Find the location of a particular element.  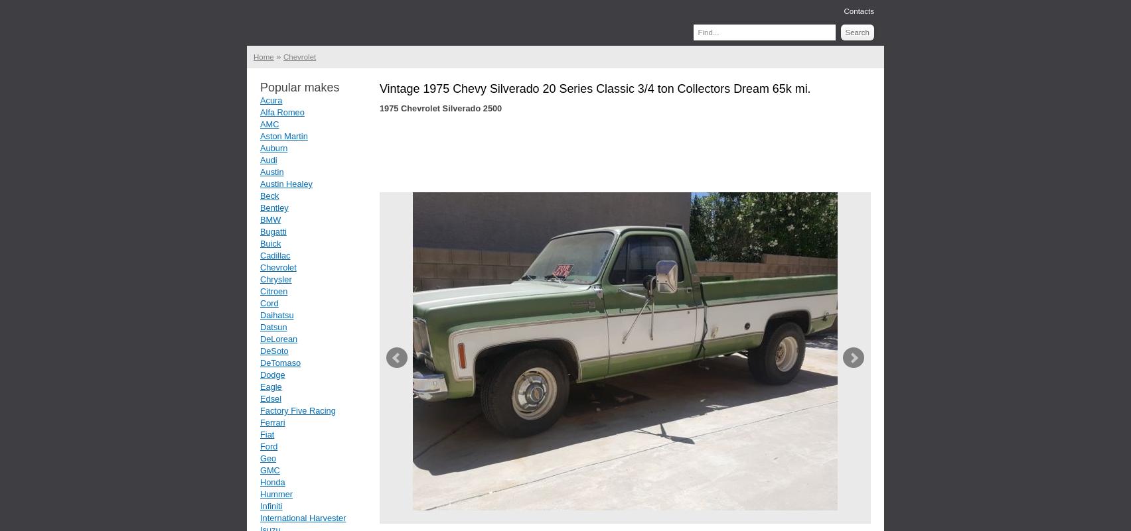

'Eagle' is located at coordinates (259, 386).